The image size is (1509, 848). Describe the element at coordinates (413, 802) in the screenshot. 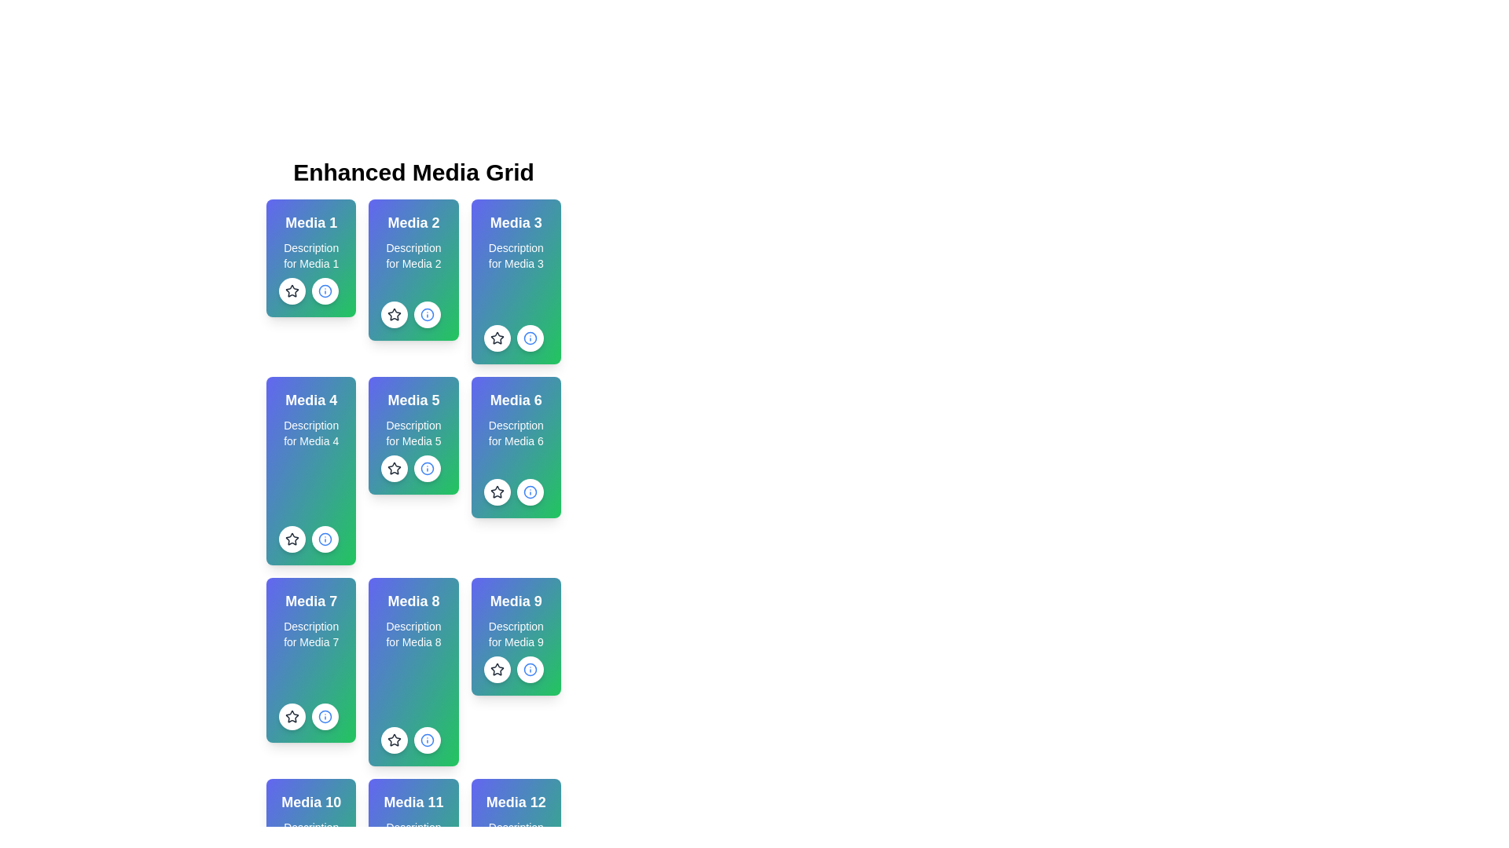

I see `the Static Text Label reading 'Media 11', which is styled with a large and bold white font against a gradient background, located at the top of its card-like structure in the grid layout` at that location.